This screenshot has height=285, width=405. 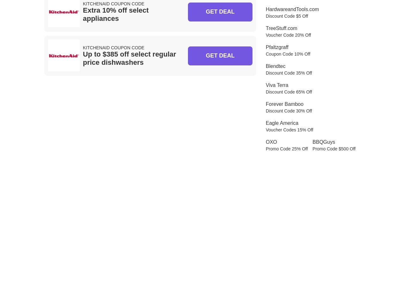 What do you see at coordinates (289, 129) in the screenshot?
I see `'Voucher Codes 15% Off'` at bounding box center [289, 129].